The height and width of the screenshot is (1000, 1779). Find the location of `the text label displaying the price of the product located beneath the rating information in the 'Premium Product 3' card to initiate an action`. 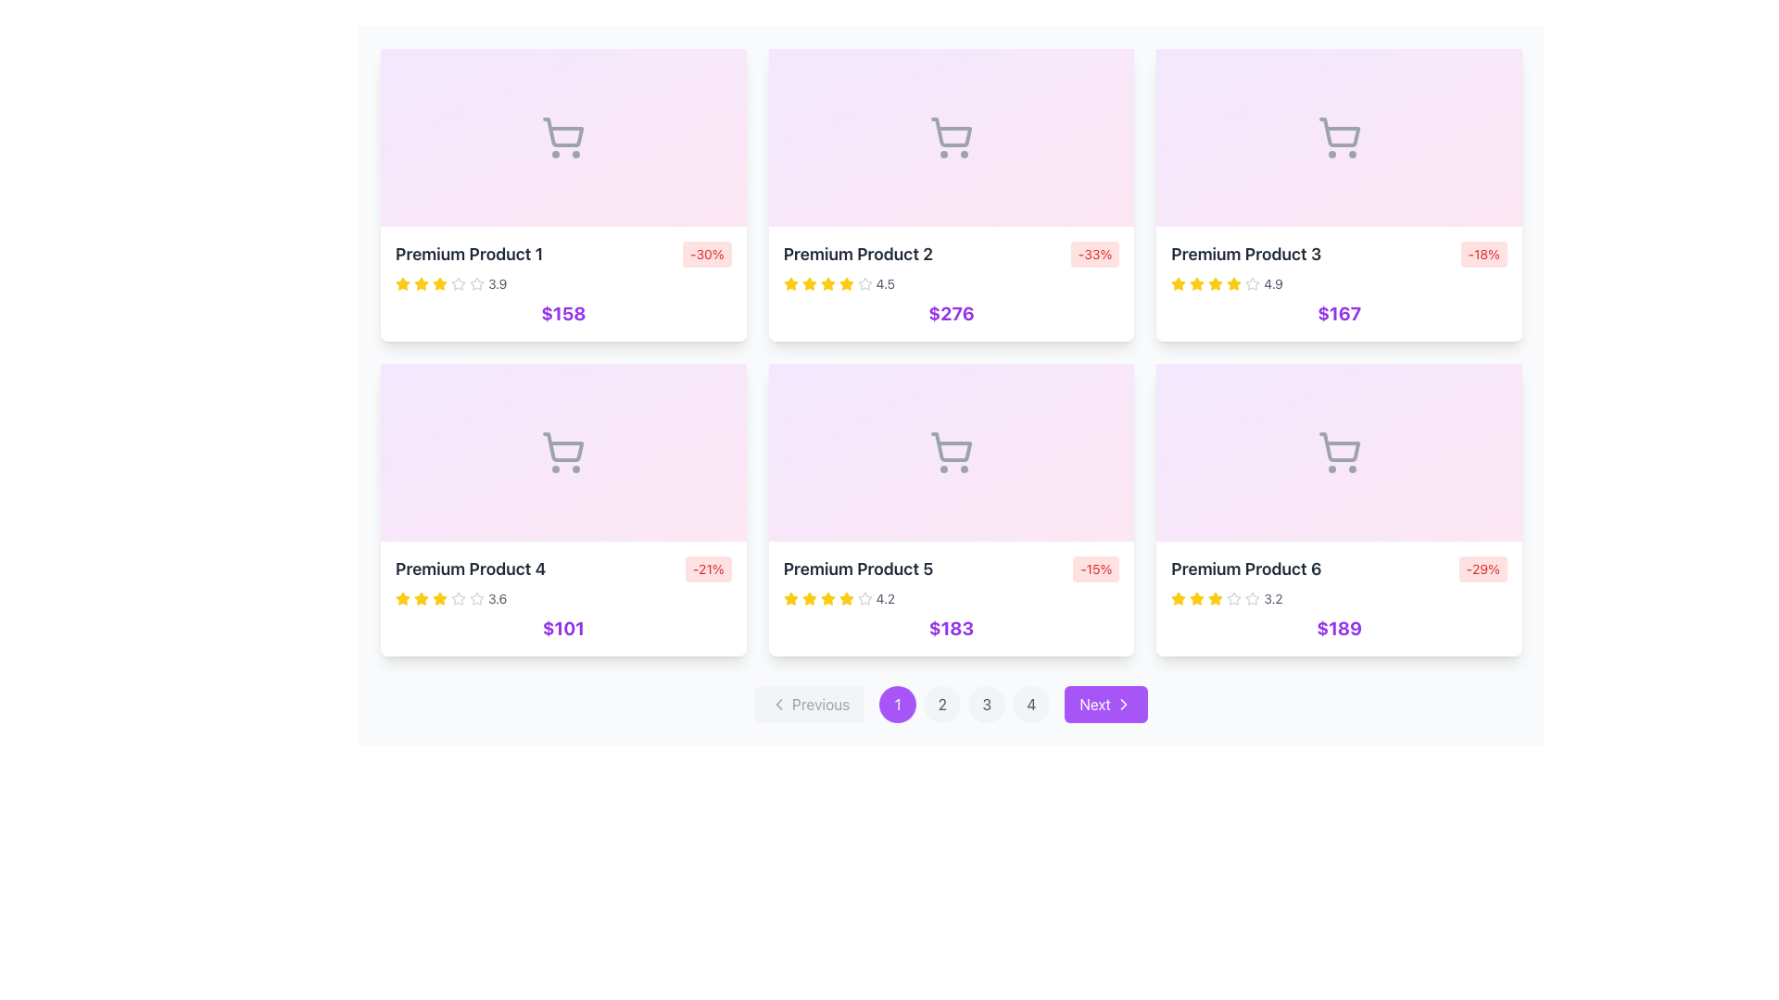

the text label displaying the price of the product located beneath the rating information in the 'Premium Product 3' card to initiate an action is located at coordinates (1339, 313).